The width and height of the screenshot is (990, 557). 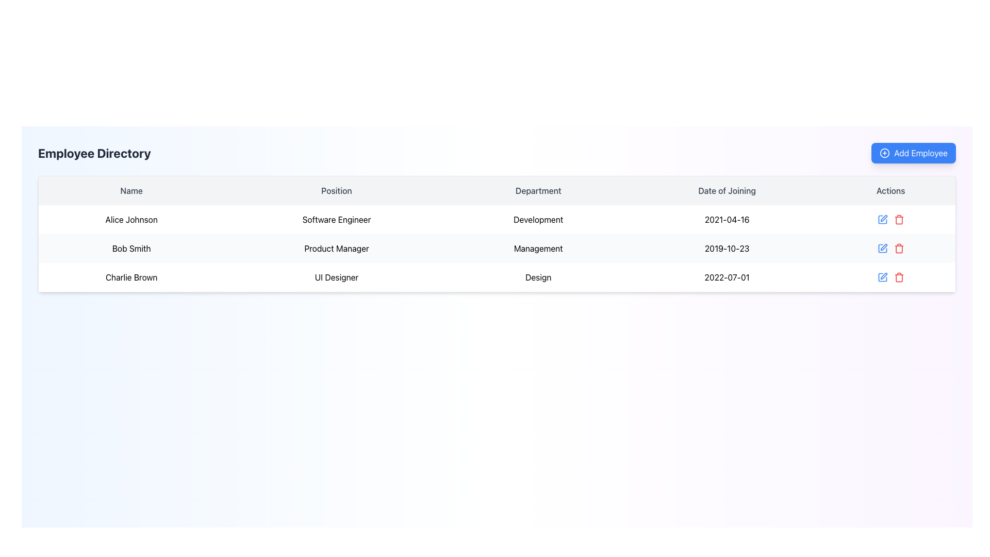 What do you see at coordinates (130, 277) in the screenshot?
I see `the text label identifying 'Charlie Brown' in the employee directory, which is the first cell in the third row of the table` at bounding box center [130, 277].